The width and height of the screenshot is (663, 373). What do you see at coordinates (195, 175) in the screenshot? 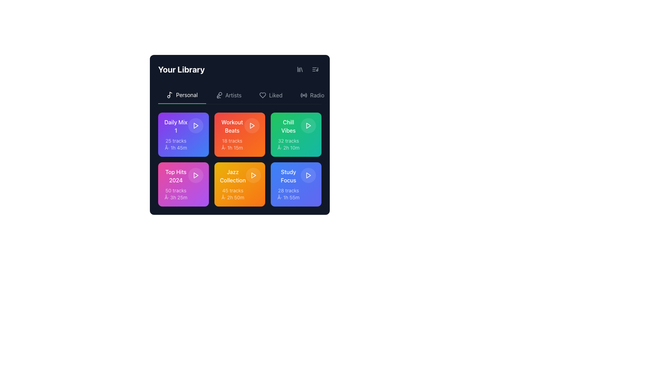
I see `the Circular Play Button located in the middle-right area of the purple card labeled 'Top Hits 2024' to play the associated content` at bounding box center [195, 175].